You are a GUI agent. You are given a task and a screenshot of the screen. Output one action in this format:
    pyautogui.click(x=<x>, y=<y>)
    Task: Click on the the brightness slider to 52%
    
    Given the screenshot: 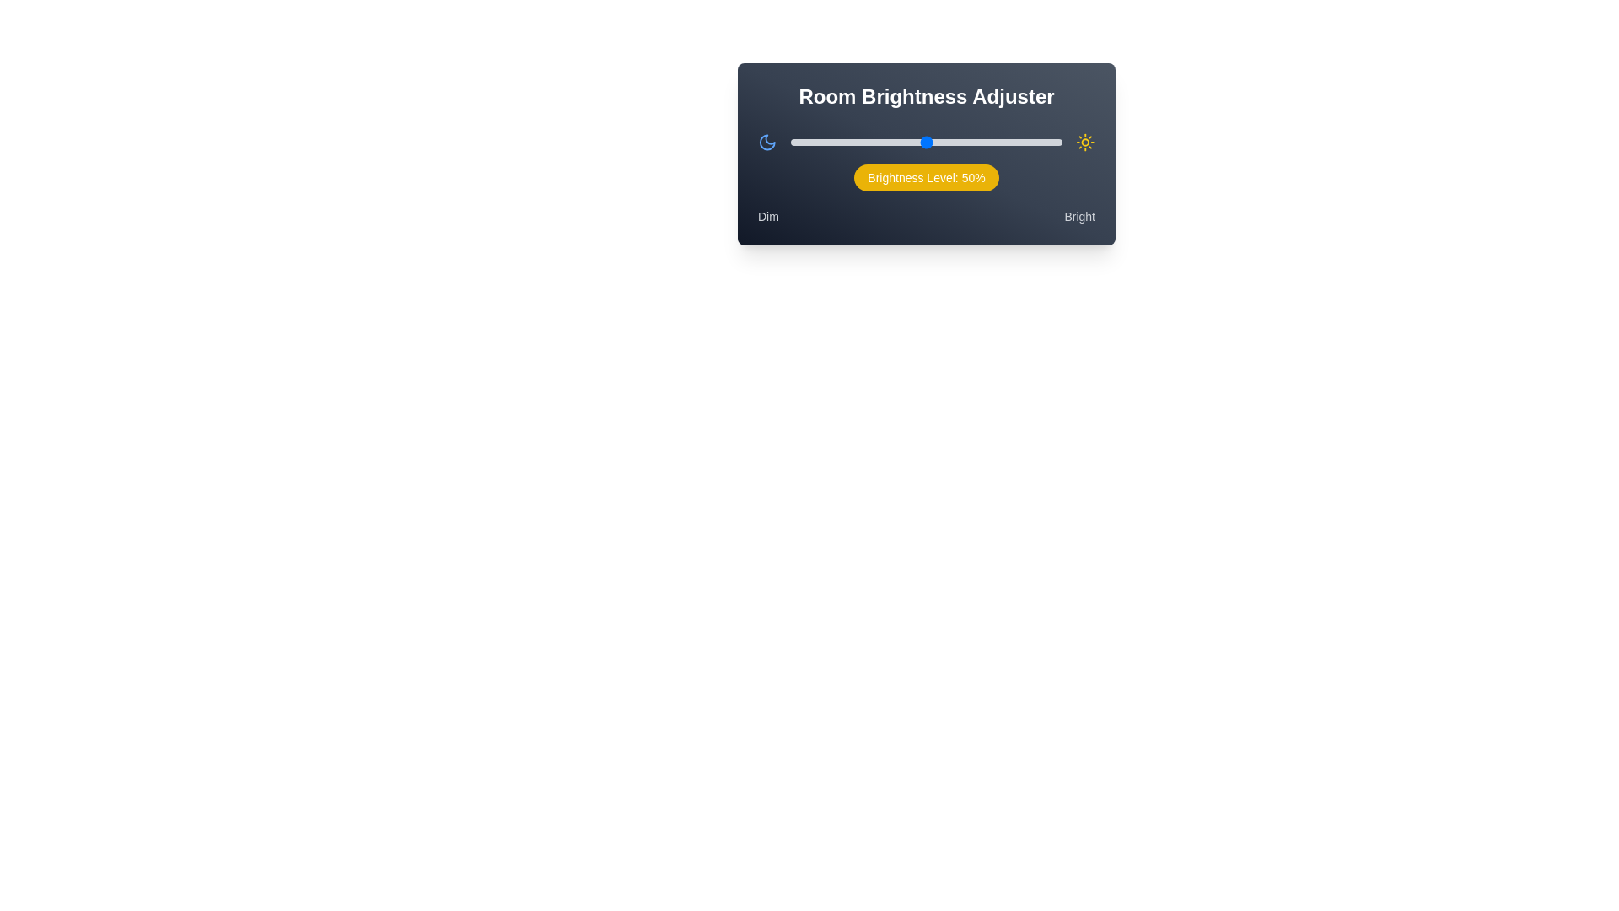 What is the action you would take?
    pyautogui.click(x=931, y=142)
    